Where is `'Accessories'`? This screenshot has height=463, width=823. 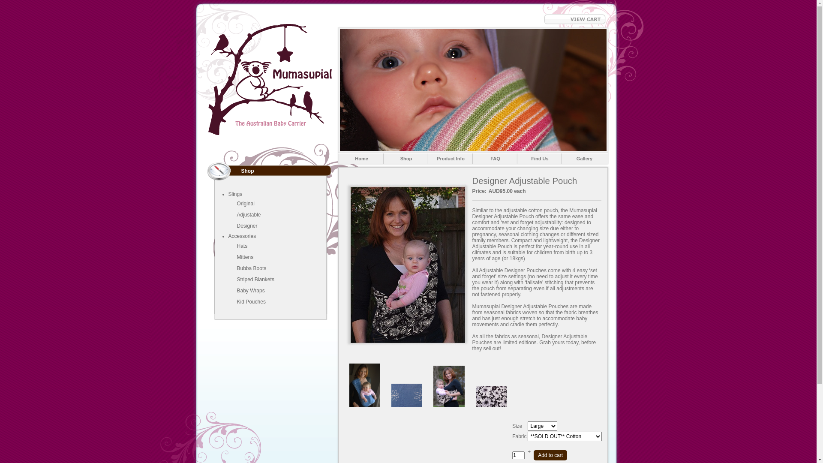
'Accessories' is located at coordinates (228, 236).